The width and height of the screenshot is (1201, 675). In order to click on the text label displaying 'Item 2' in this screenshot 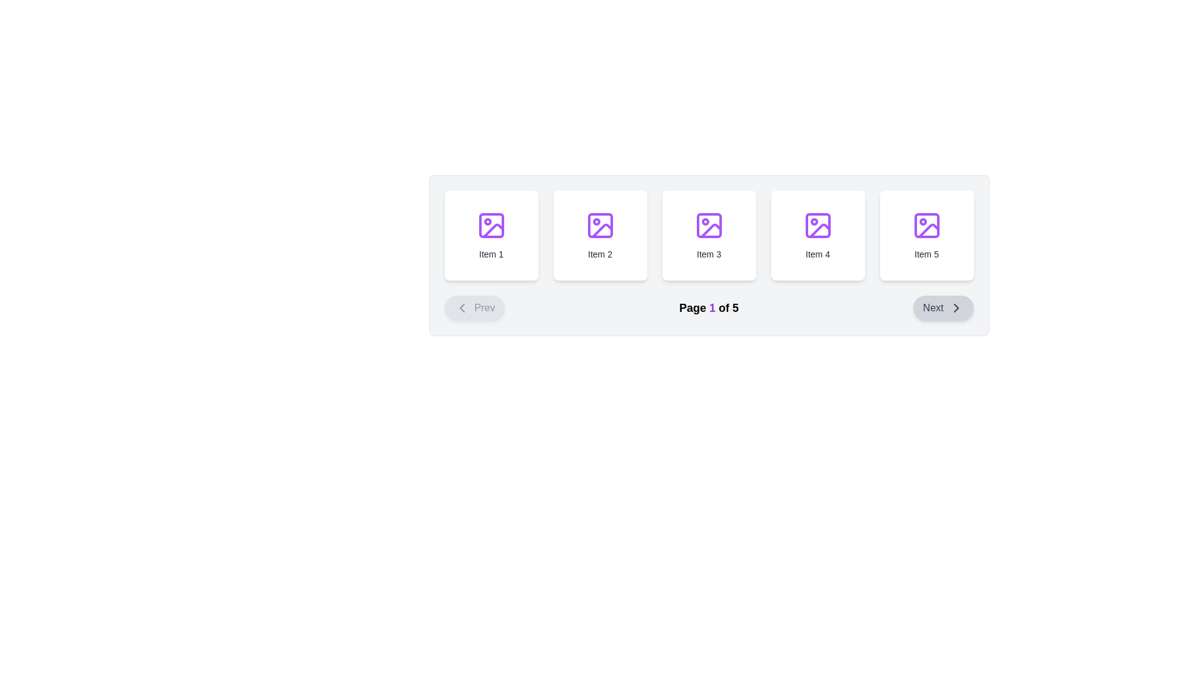, I will do `click(599, 254)`.